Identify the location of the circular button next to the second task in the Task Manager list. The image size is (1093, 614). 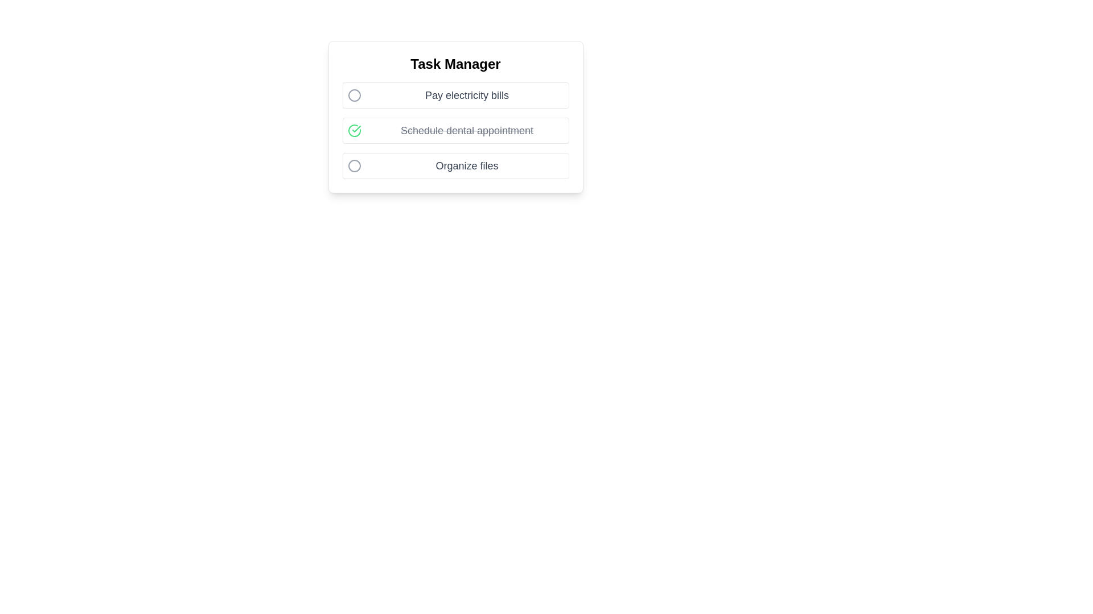
(455, 130).